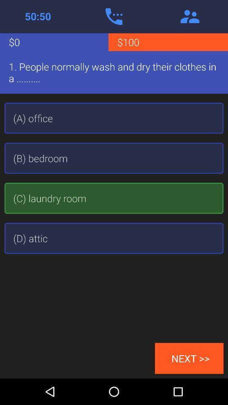 The height and width of the screenshot is (405, 228). Describe the element at coordinates (114, 198) in the screenshot. I see `the app above (d) attic` at that location.